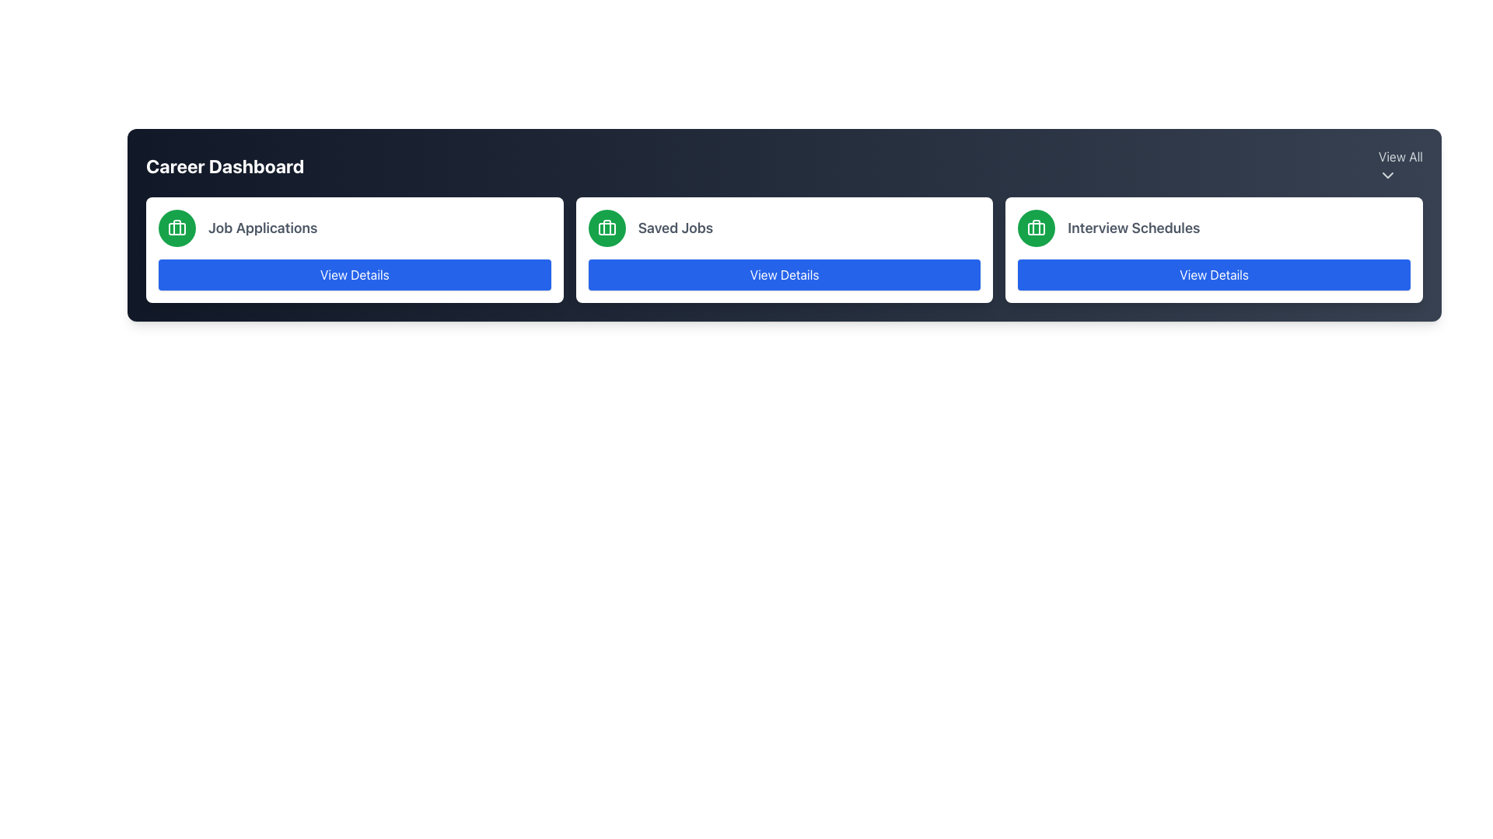  What do you see at coordinates (675, 228) in the screenshot?
I see `text of the 'Saved Jobs' label located to the right of the green circular icon with a white briefcase symbol` at bounding box center [675, 228].